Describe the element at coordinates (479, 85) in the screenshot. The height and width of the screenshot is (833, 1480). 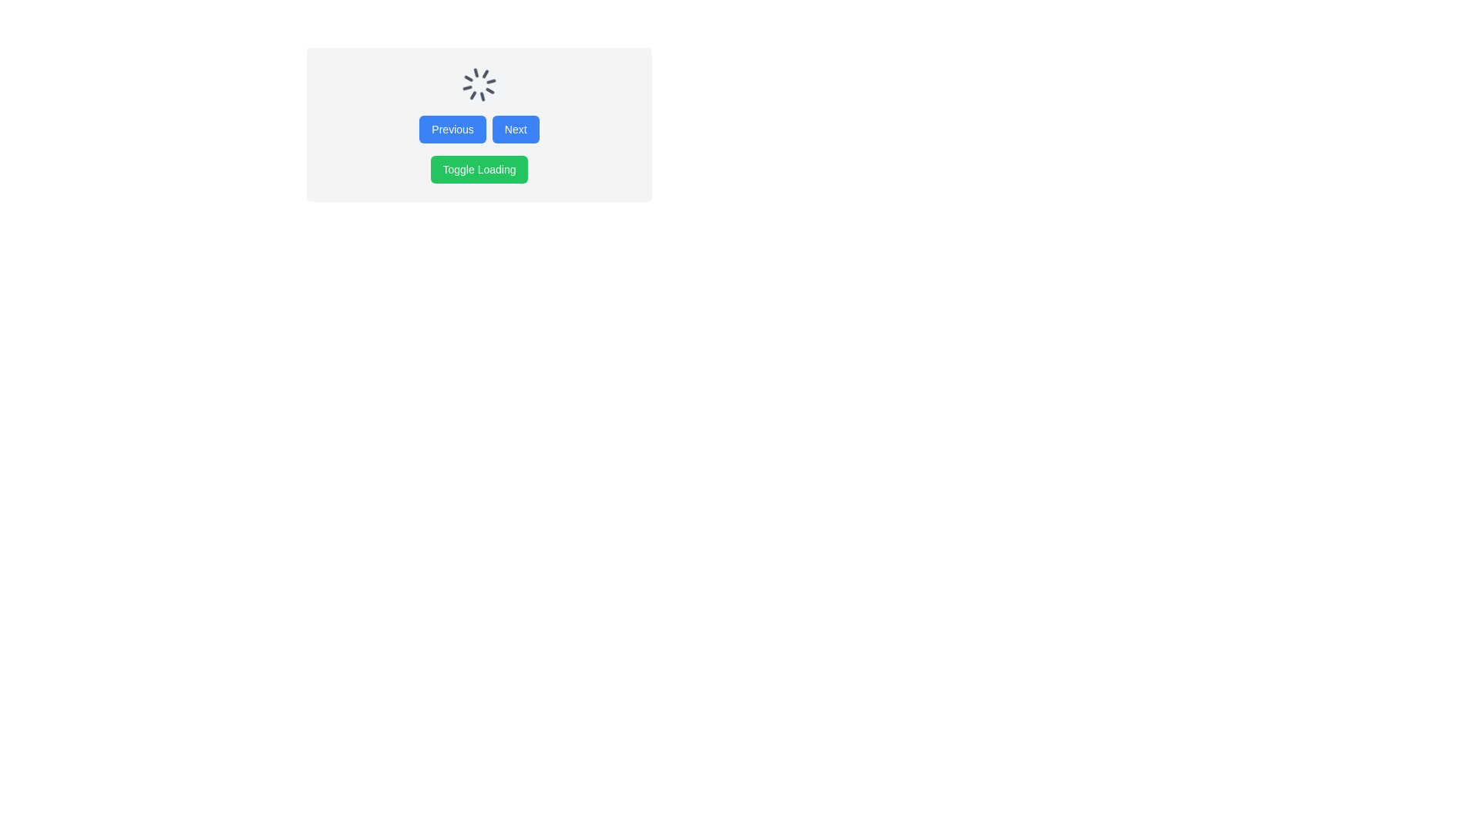
I see `the Spinner element that visually indicates an ongoing process, located centrally at the top of the section above the 'Previous' and 'Next' buttons` at that location.